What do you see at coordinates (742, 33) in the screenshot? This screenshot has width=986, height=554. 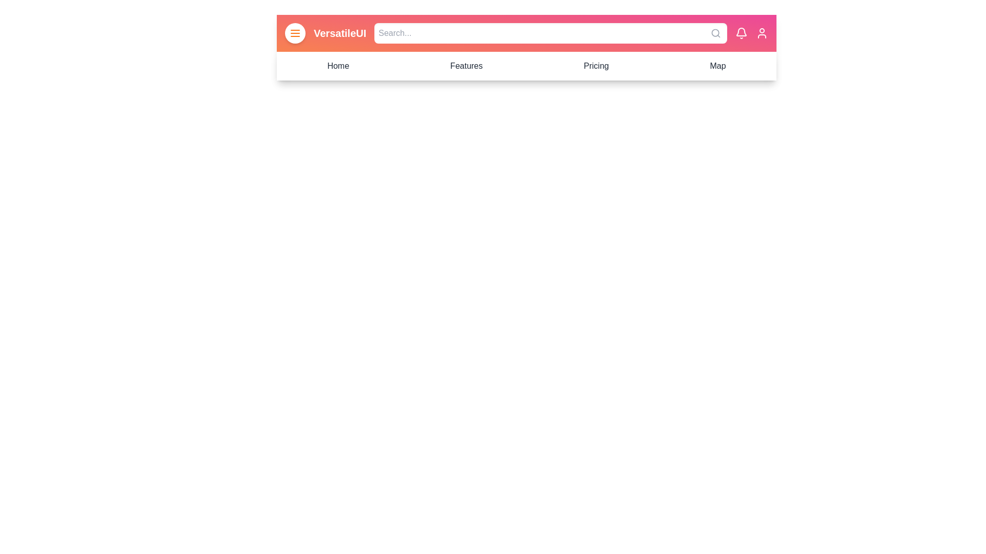 I see `the bell icon to check notifications` at bounding box center [742, 33].